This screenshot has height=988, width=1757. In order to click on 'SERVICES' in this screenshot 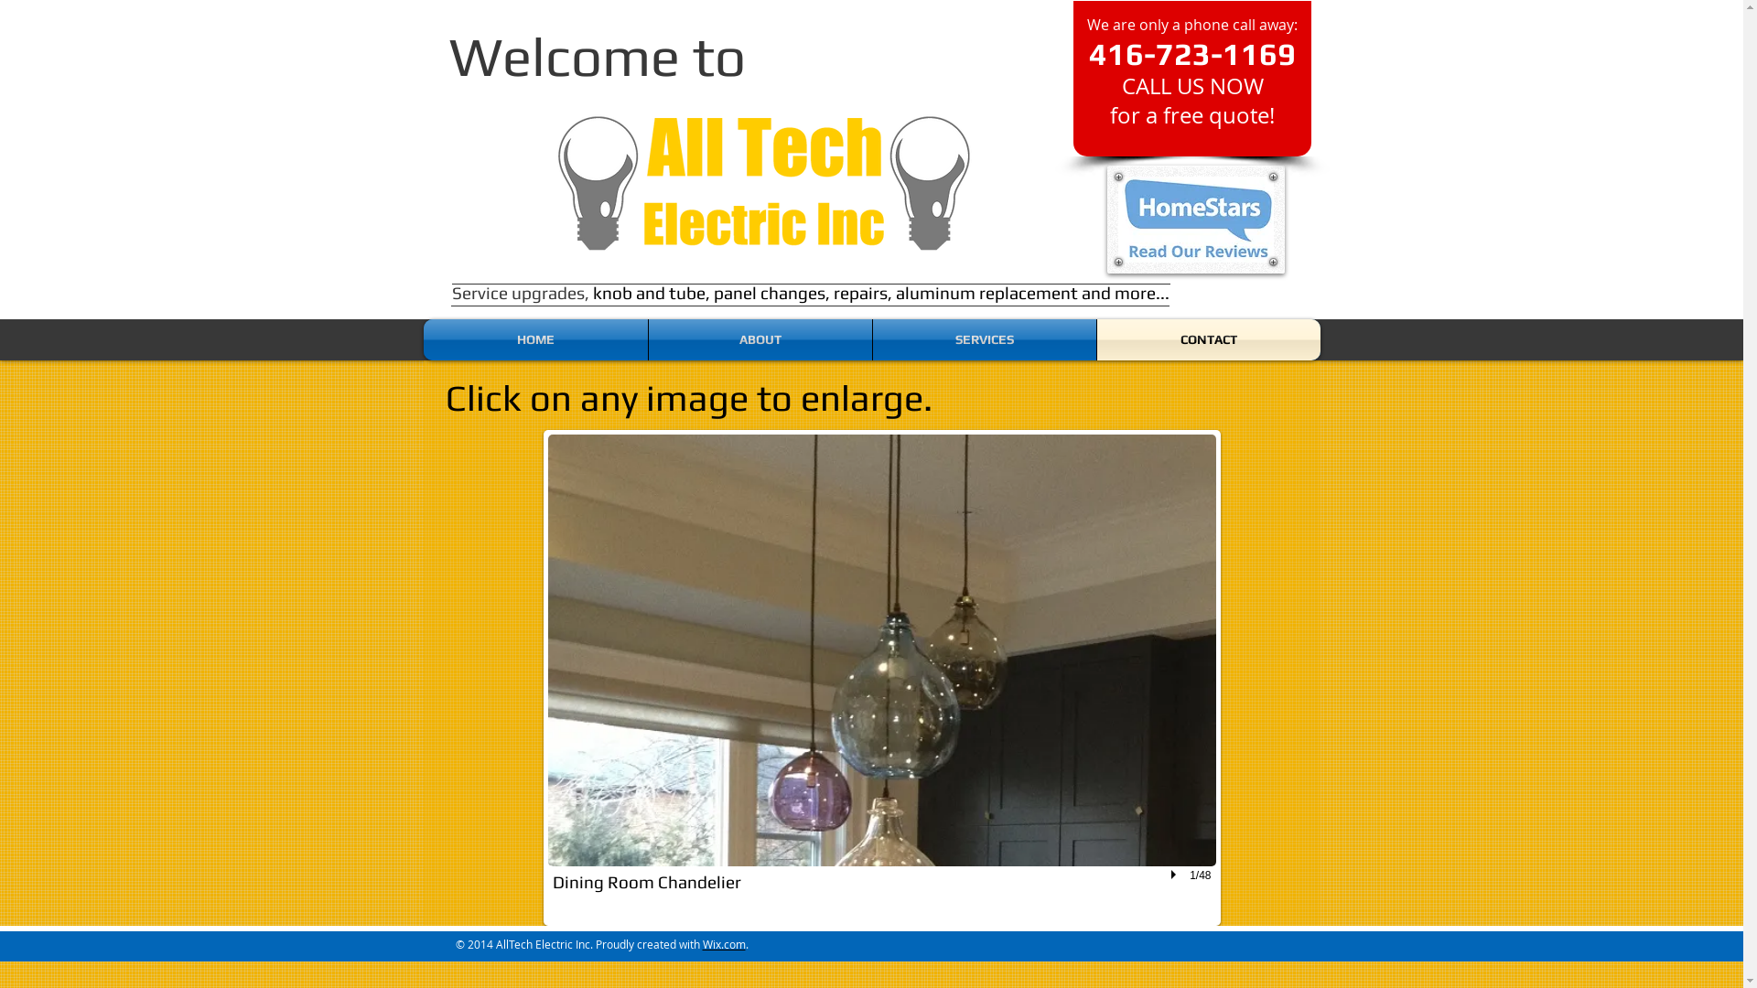, I will do `click(983, 339)`.